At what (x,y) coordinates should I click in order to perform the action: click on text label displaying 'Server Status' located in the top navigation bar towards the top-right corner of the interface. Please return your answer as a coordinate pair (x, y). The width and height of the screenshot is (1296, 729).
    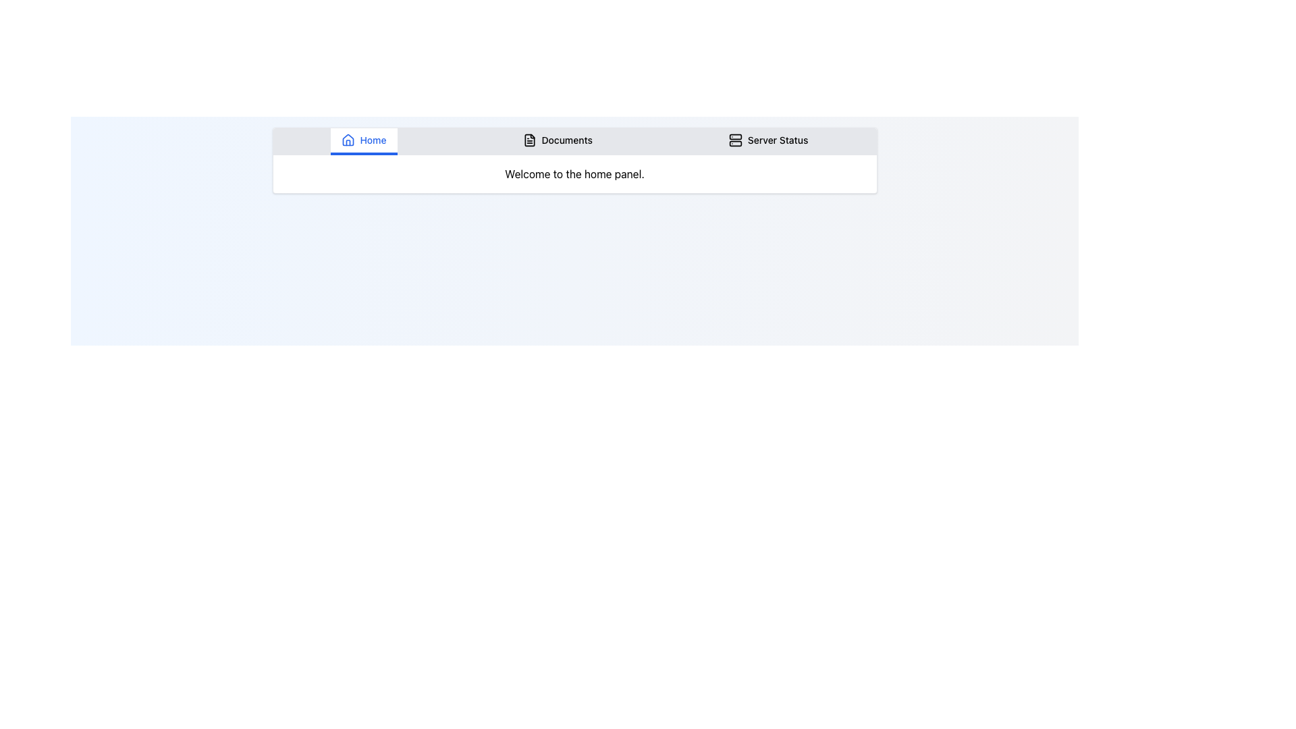
    Looking at the image, I should click on (778, 140).